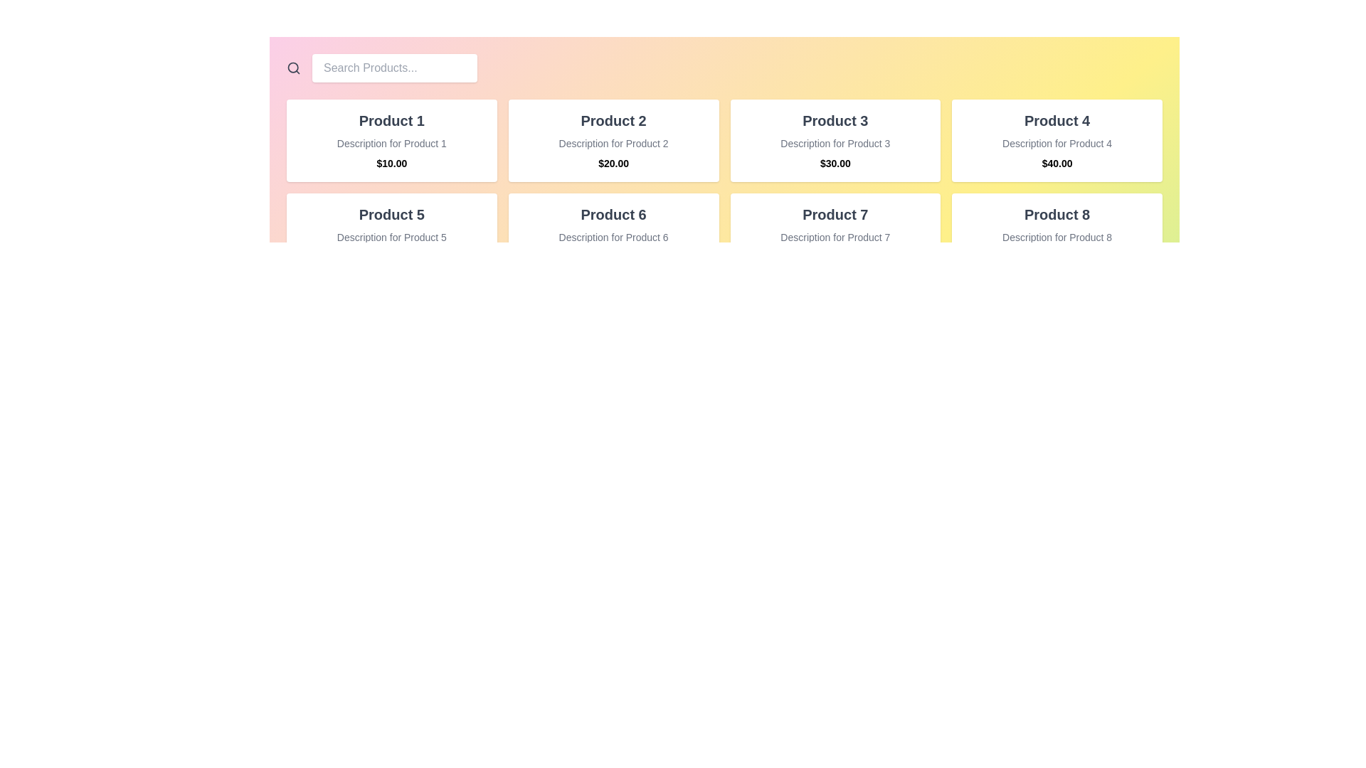 This screenshot has width=1366, height=768. I want to click on the descriptive text about the product featured in the card, which is located below the title 'Product 5' and above the price '$50.00', so click(391, 237).